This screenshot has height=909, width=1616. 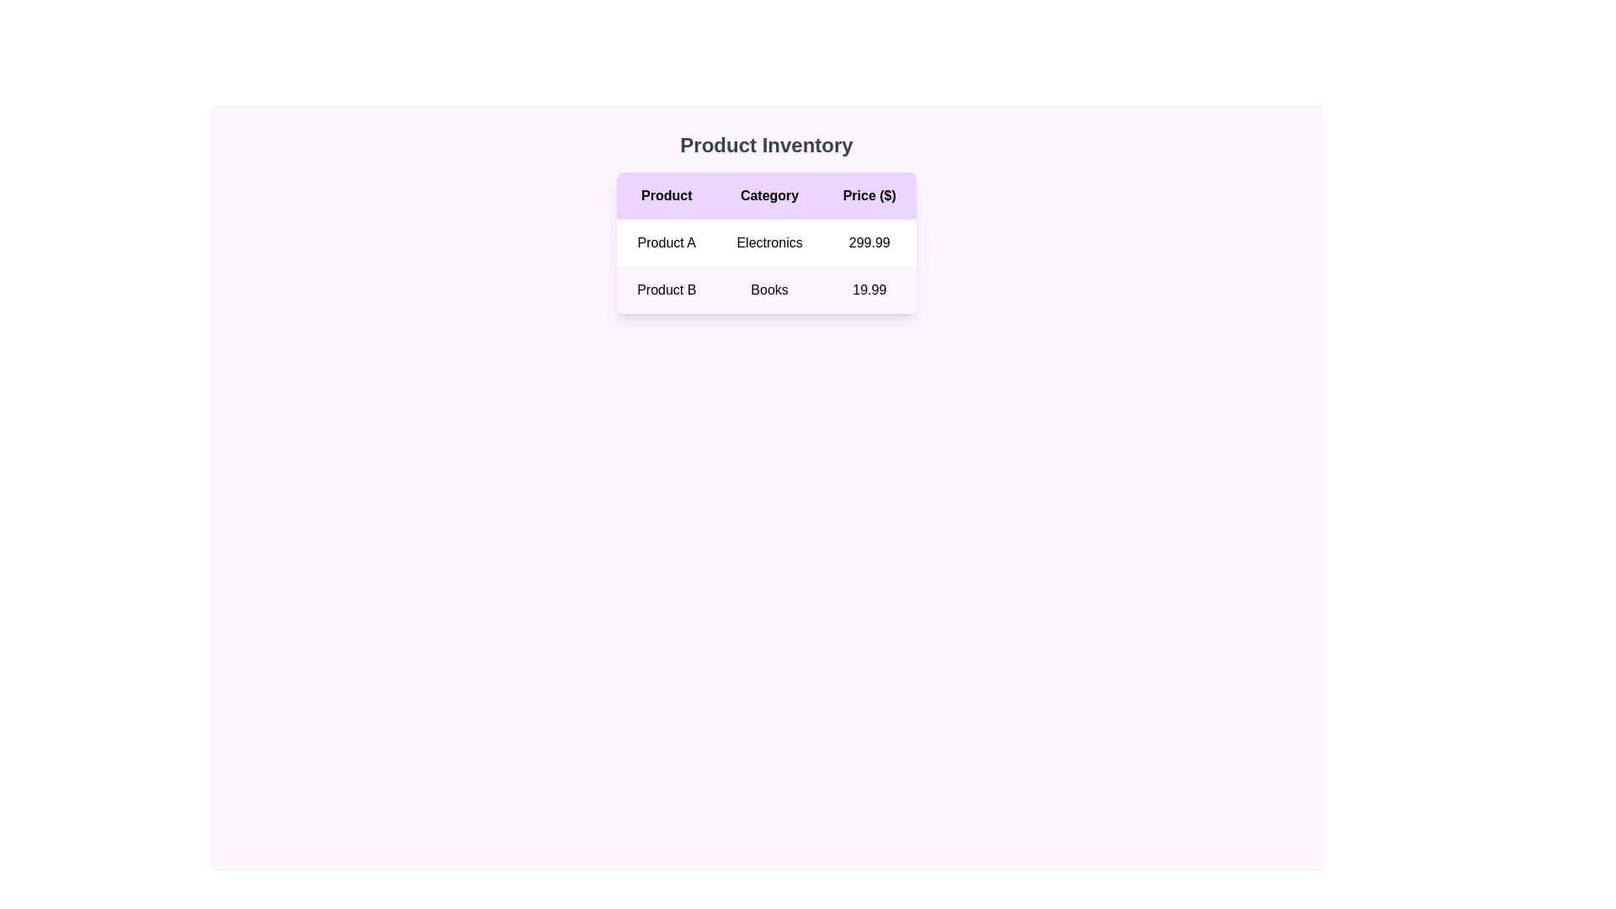 I want to click on the first row of the table displaying product information, which includes 'Product A', 'Electronics', and '299.99', so click(x=766, y=265).